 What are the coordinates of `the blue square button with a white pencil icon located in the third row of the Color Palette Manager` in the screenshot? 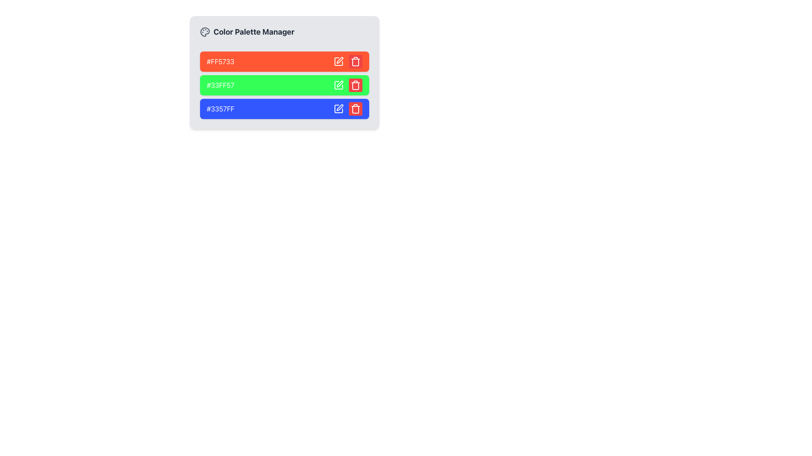 It's located at (339, 109).